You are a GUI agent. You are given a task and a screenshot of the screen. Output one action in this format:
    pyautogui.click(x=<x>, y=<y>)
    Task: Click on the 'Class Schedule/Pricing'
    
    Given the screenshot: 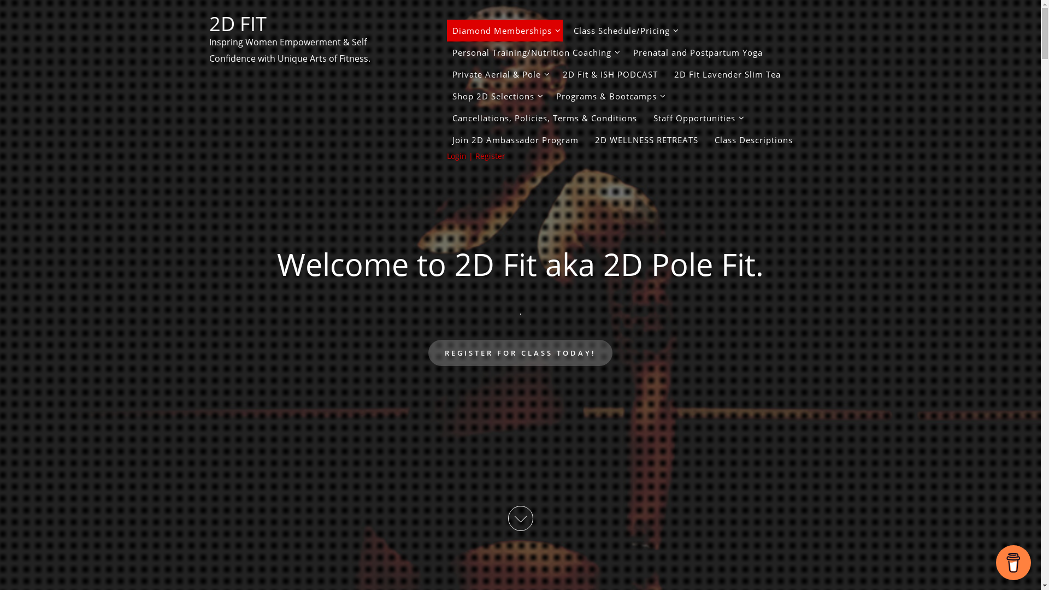 What is the action you would take?
    pyautogui.click(x=624, y=30)
    